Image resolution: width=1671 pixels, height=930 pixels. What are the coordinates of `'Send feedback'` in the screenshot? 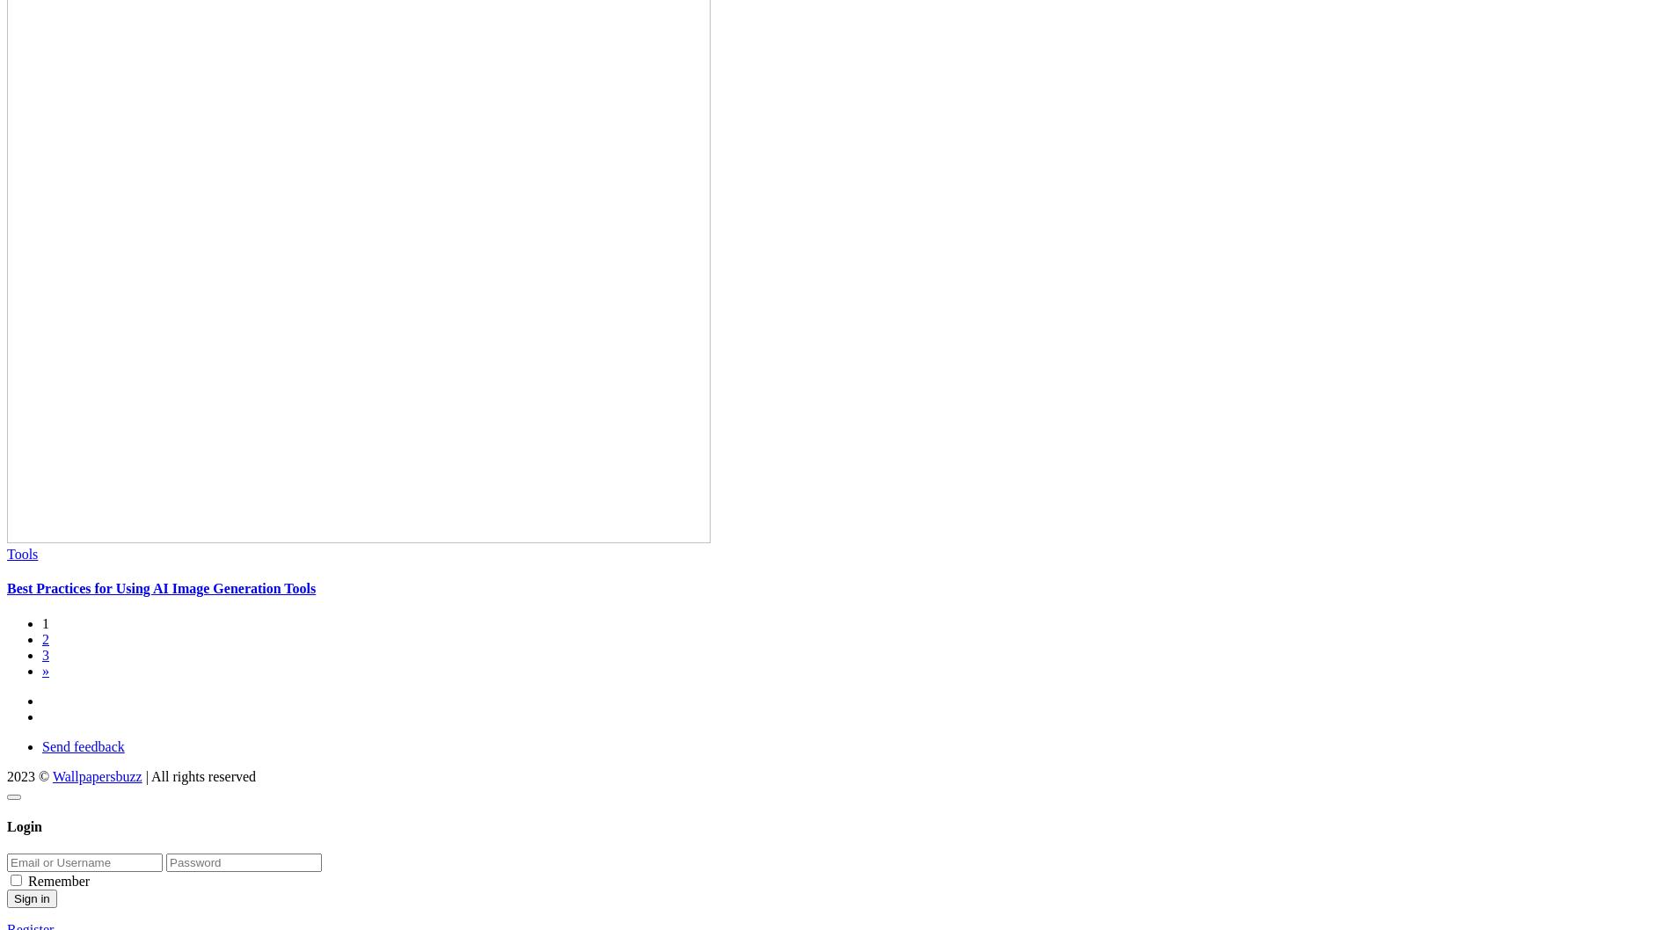 It's located at (83, 745).